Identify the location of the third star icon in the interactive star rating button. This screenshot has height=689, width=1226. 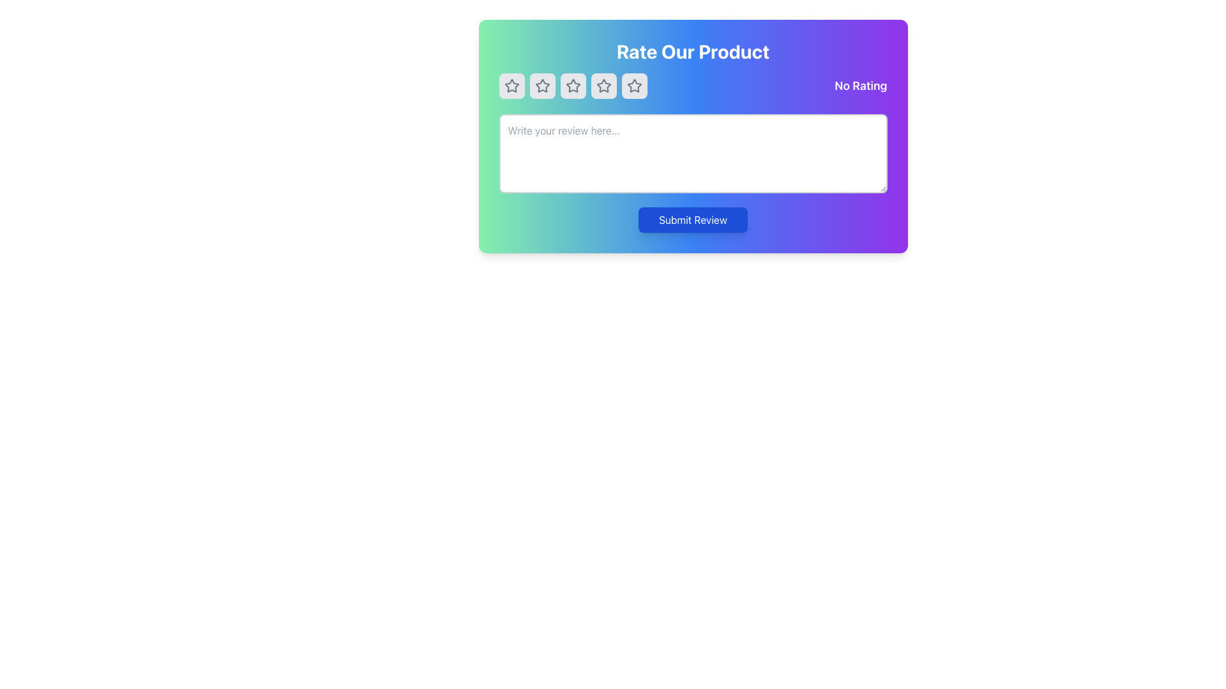
(572, 86).